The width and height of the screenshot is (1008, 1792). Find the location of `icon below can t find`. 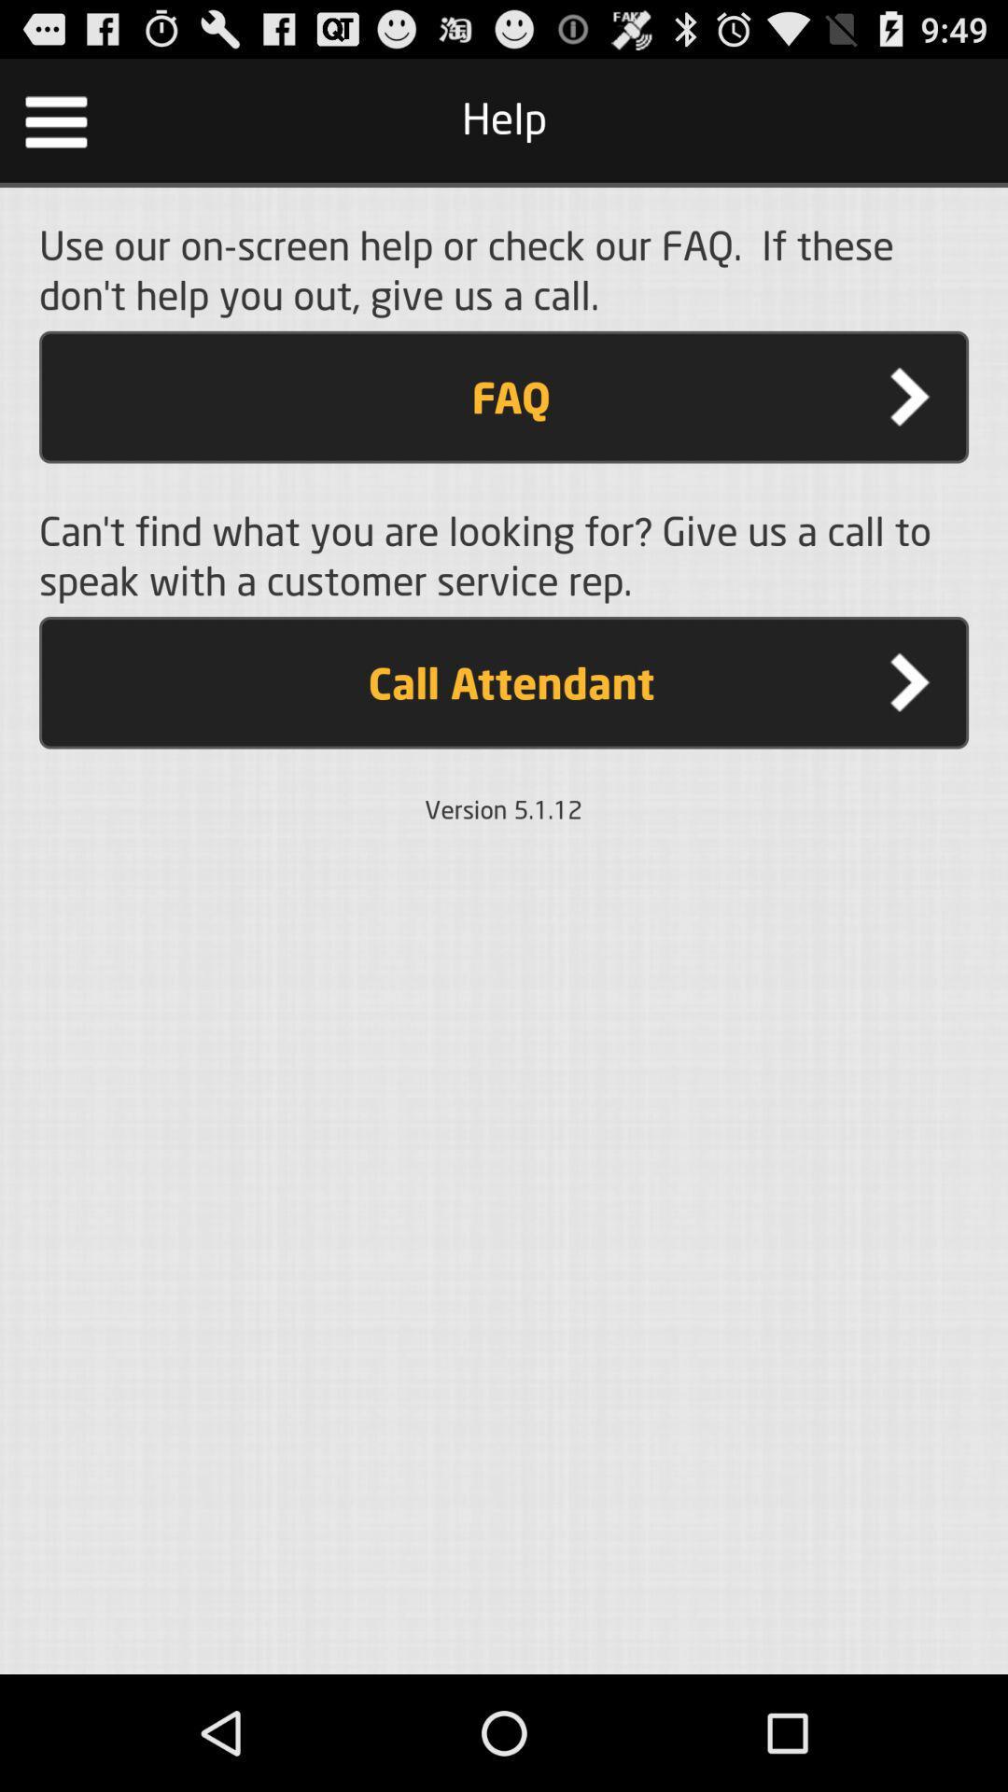

icon below can t find is located at coordinates (504, 681).